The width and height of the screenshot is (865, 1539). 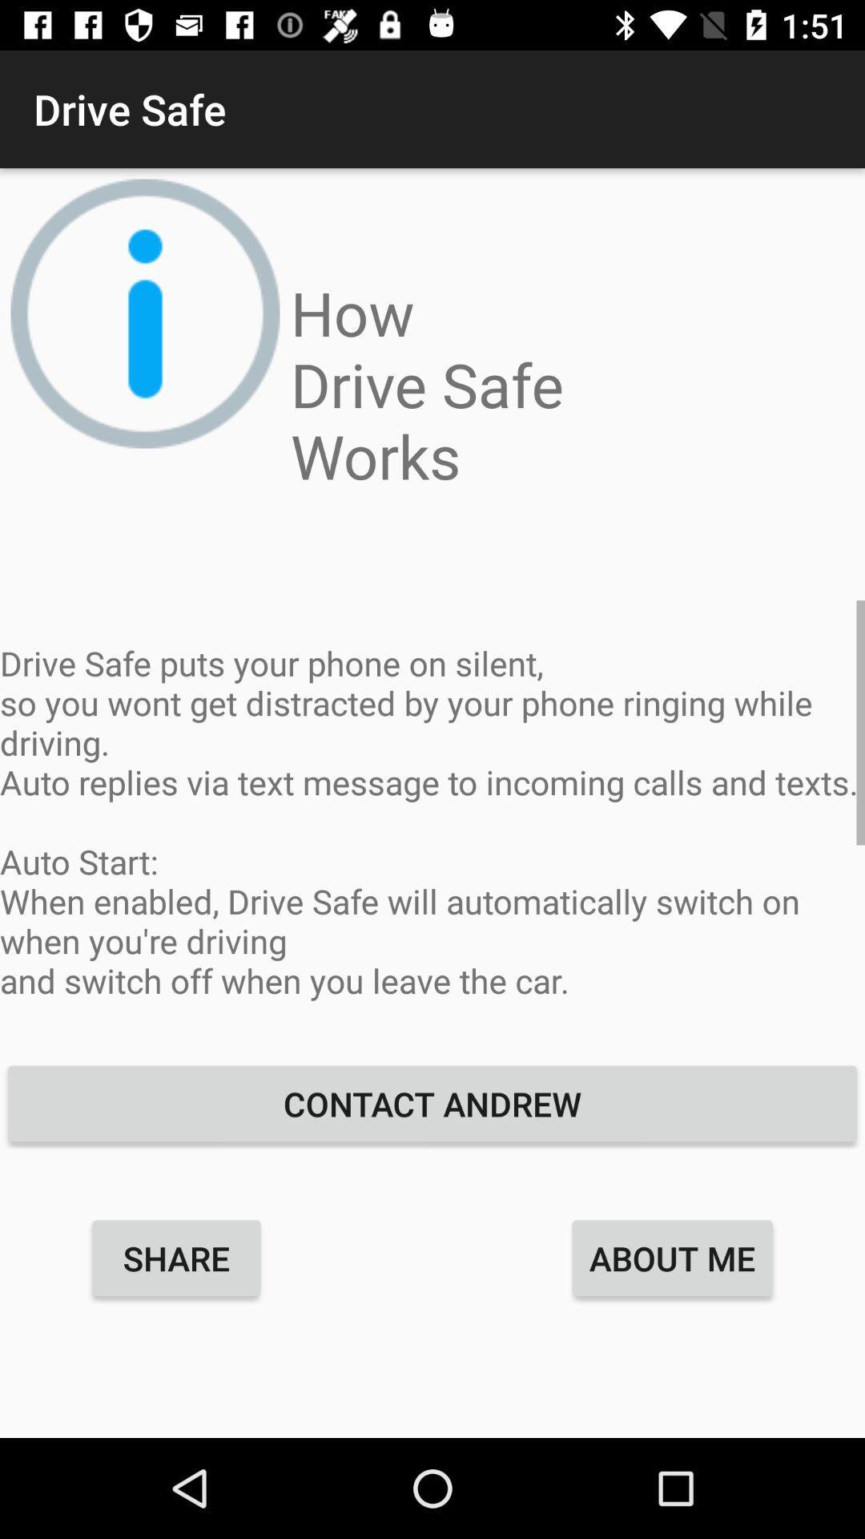 What do you see at coordinates (672, 1257) in the screenshot?
I see `icon at the bottom right corner` at bounding box center [672, 1257].